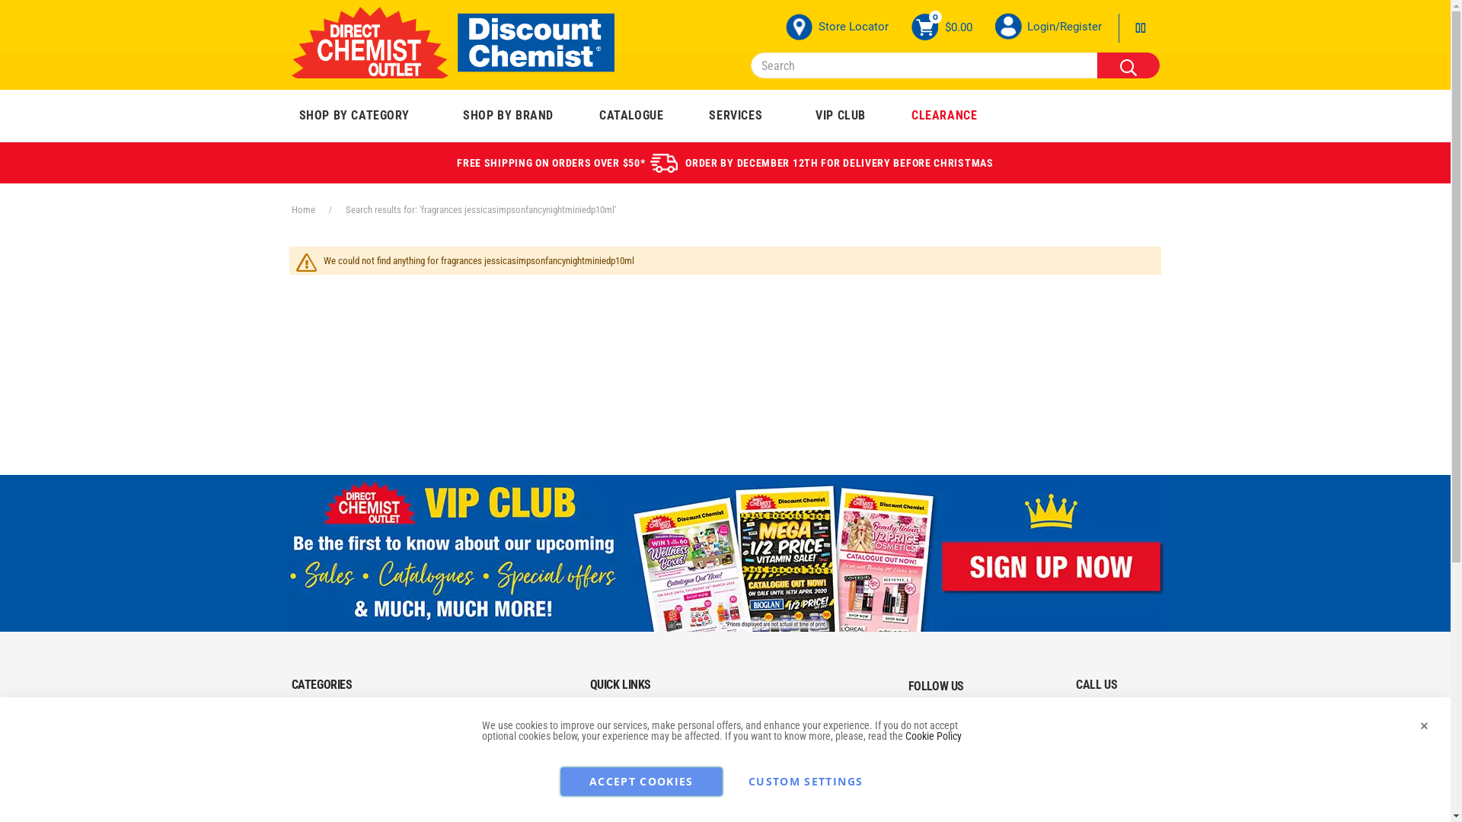 Image resolution: width=1462 pixels, height=822 pixels. What do you see at coordinates (943, 114) in the screenshot?
I see `'CLEARANCE'` at bounding box center [943, 114].